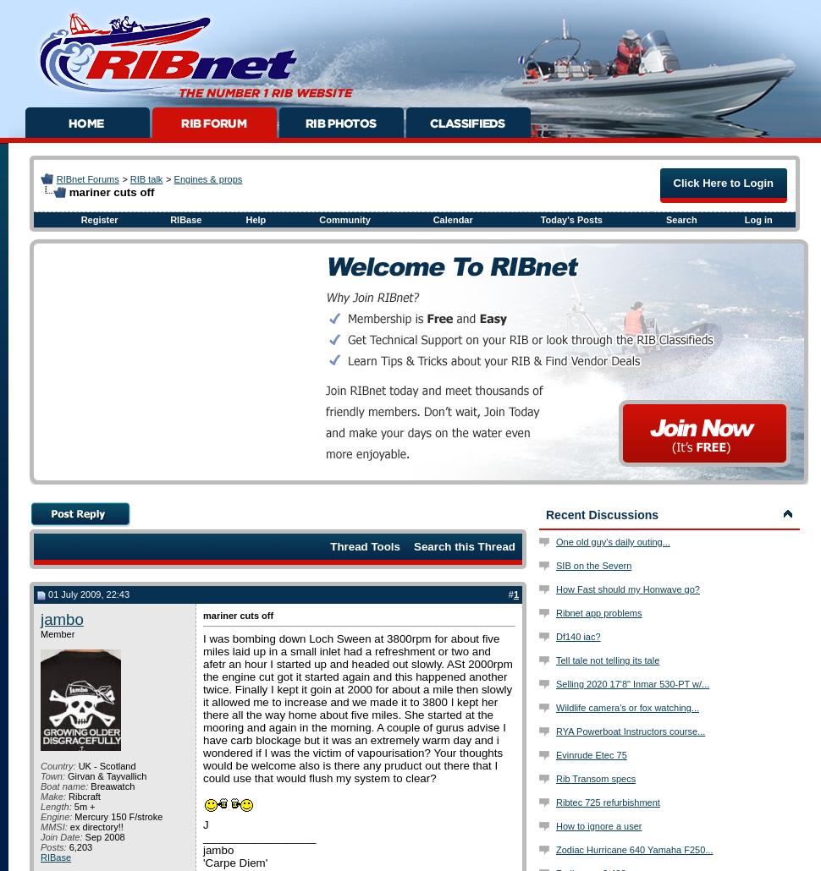 Image resolution: width=821 pixels, height=871 pixels. What do you see at coordinates (63, 785) in the screenshot?
I see `'Boat name:'` at bounding box center [63, 785].